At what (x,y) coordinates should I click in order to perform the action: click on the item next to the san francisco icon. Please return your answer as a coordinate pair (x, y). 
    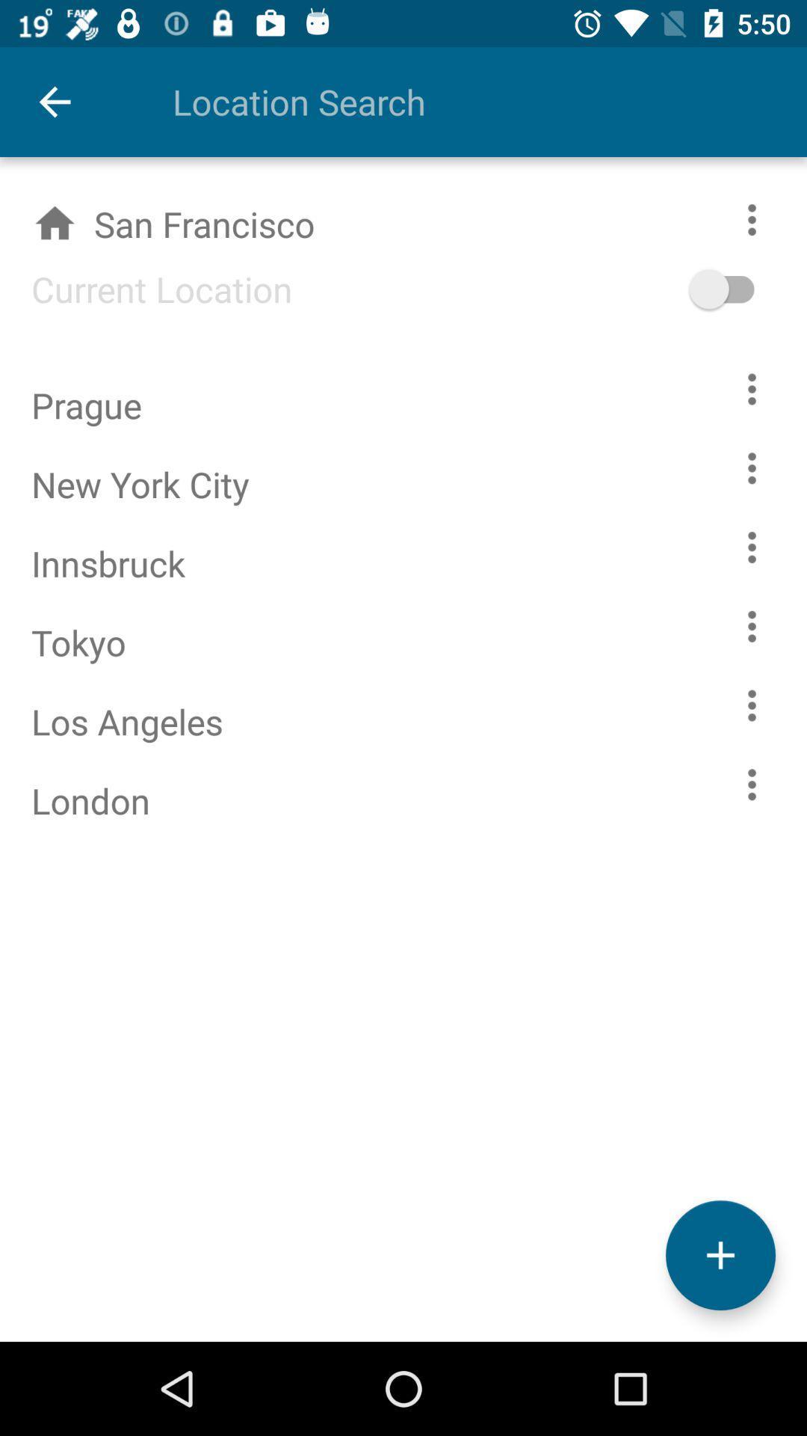
    Looking at the image, I should click on (744, 289).